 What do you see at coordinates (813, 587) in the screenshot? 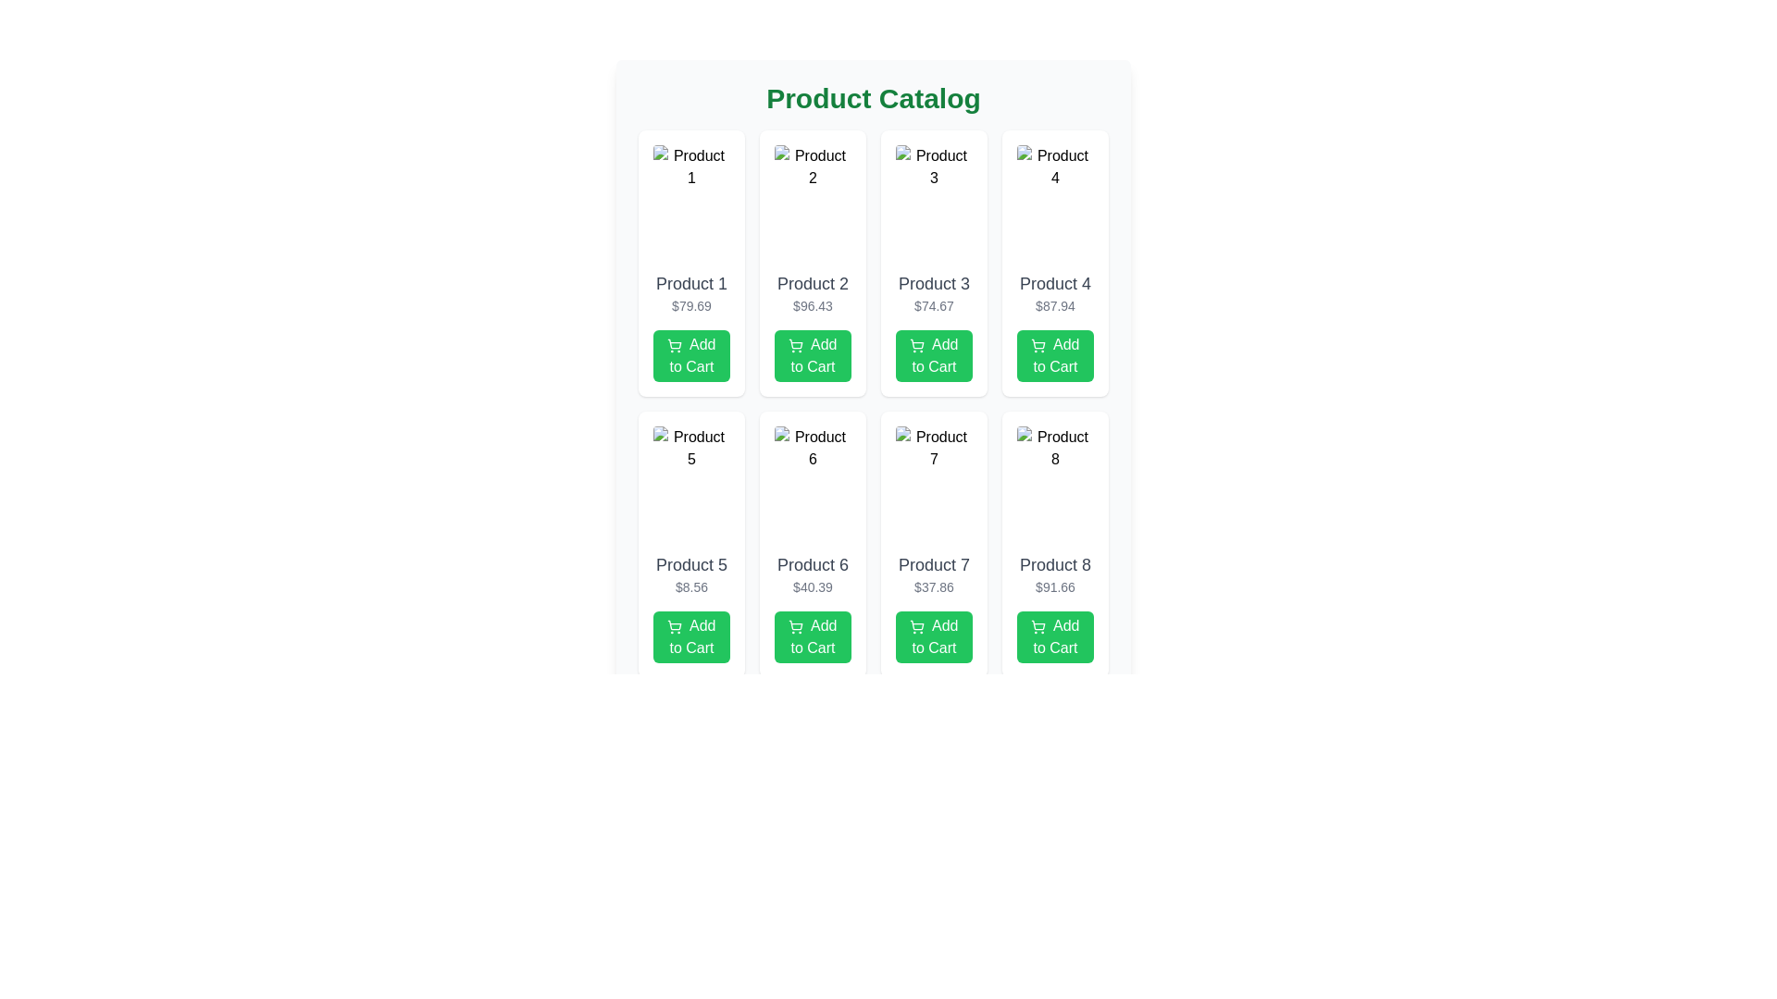
I see `the price label of 'Product 6' which is located directly below its title and above the 'Add to Cart' button` at bounding box center [813, 587].